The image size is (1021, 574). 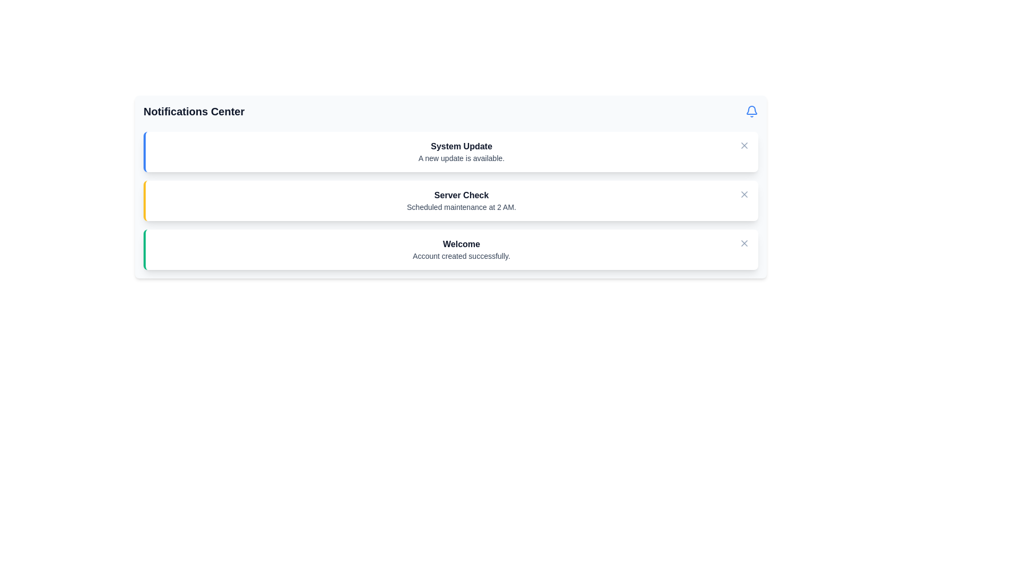 I want to click on bolded text label 'Server Check' which is styled in dark slate gray and positioned prominently in the notifications center, specifically in the second notification item above the text 'Scheduled maintenance at 2 AM.', so click(x=462, y=195).